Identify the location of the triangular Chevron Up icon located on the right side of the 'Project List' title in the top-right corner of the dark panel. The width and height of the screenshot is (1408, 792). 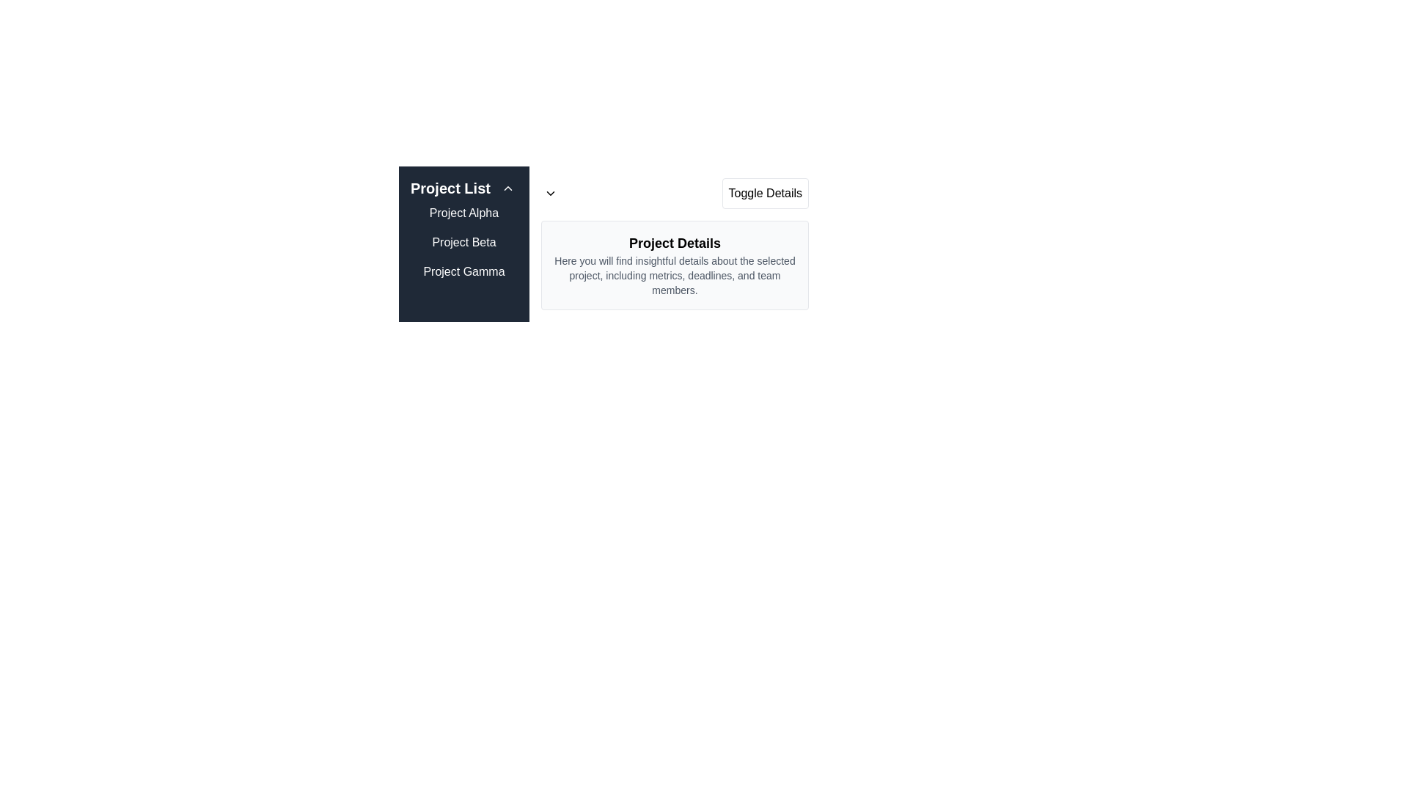
(507, 188).